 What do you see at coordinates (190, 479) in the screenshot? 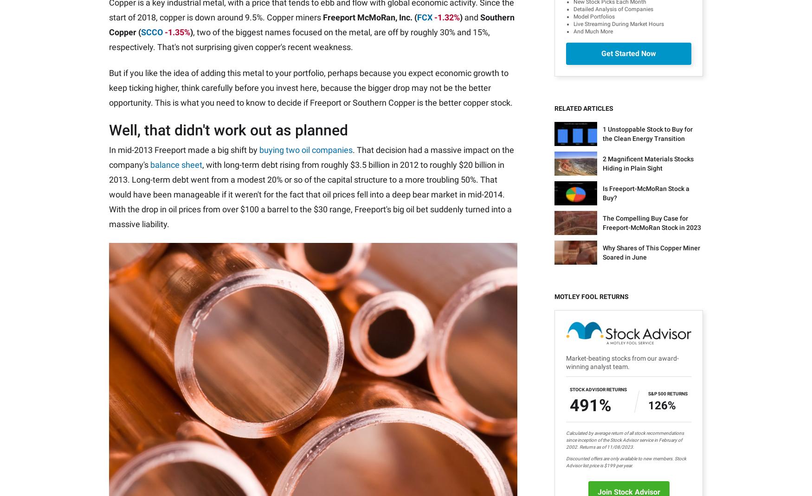
I see `'Privacy Policy'` at bounding box center [190, 479].